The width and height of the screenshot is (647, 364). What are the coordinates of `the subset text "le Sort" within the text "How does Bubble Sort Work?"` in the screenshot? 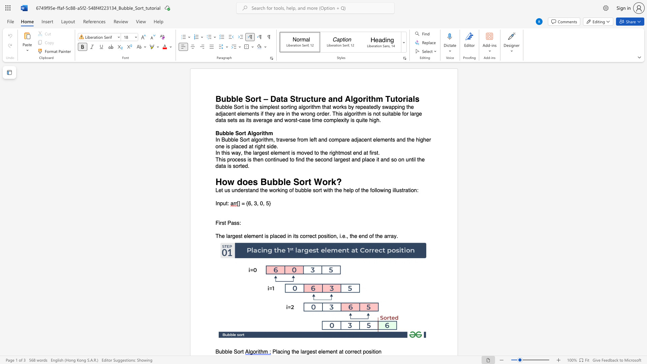 It's located at (283, 181).